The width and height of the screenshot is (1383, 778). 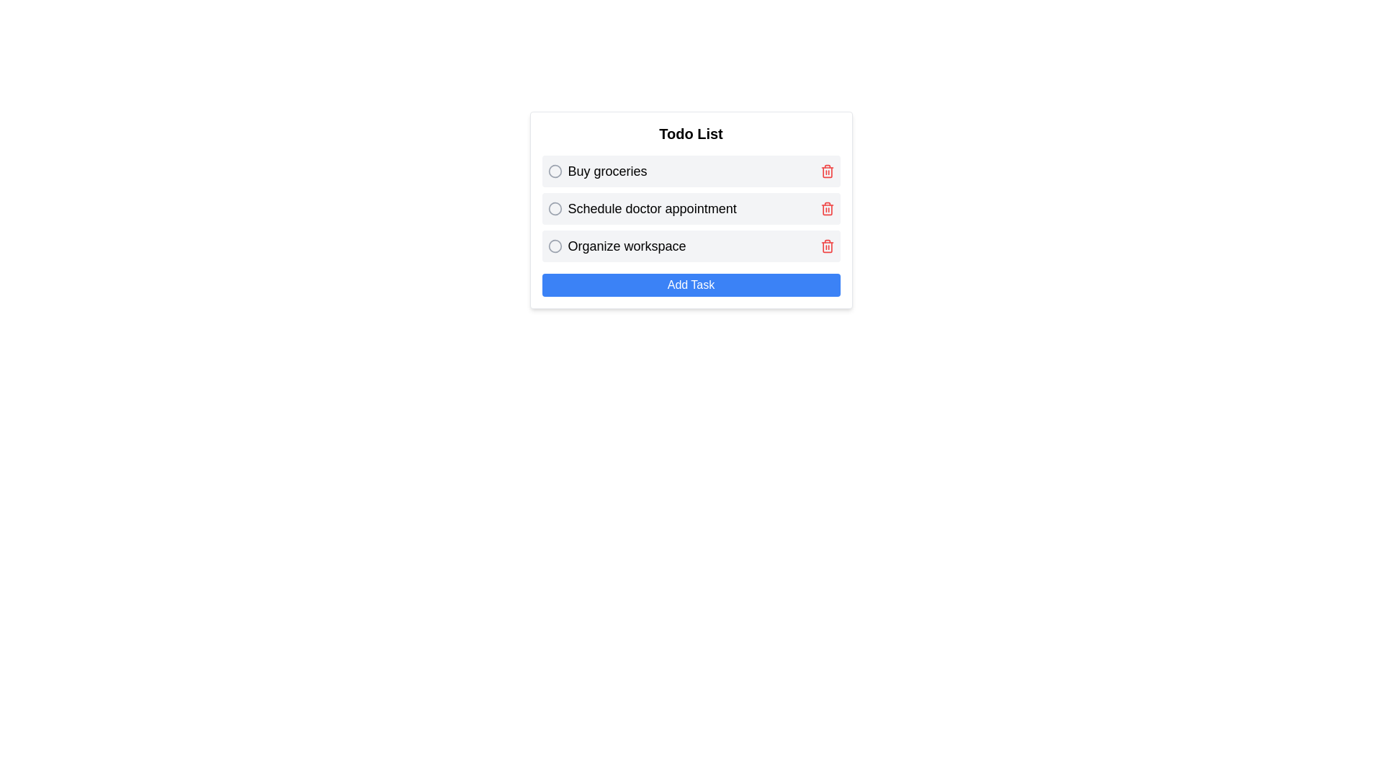 What do you see at coordinates (690, 285) in the screenshot?
I see `the 'Add Task' button located at the bottom of the 'Todo List' card` at bounding box center [690, 285].